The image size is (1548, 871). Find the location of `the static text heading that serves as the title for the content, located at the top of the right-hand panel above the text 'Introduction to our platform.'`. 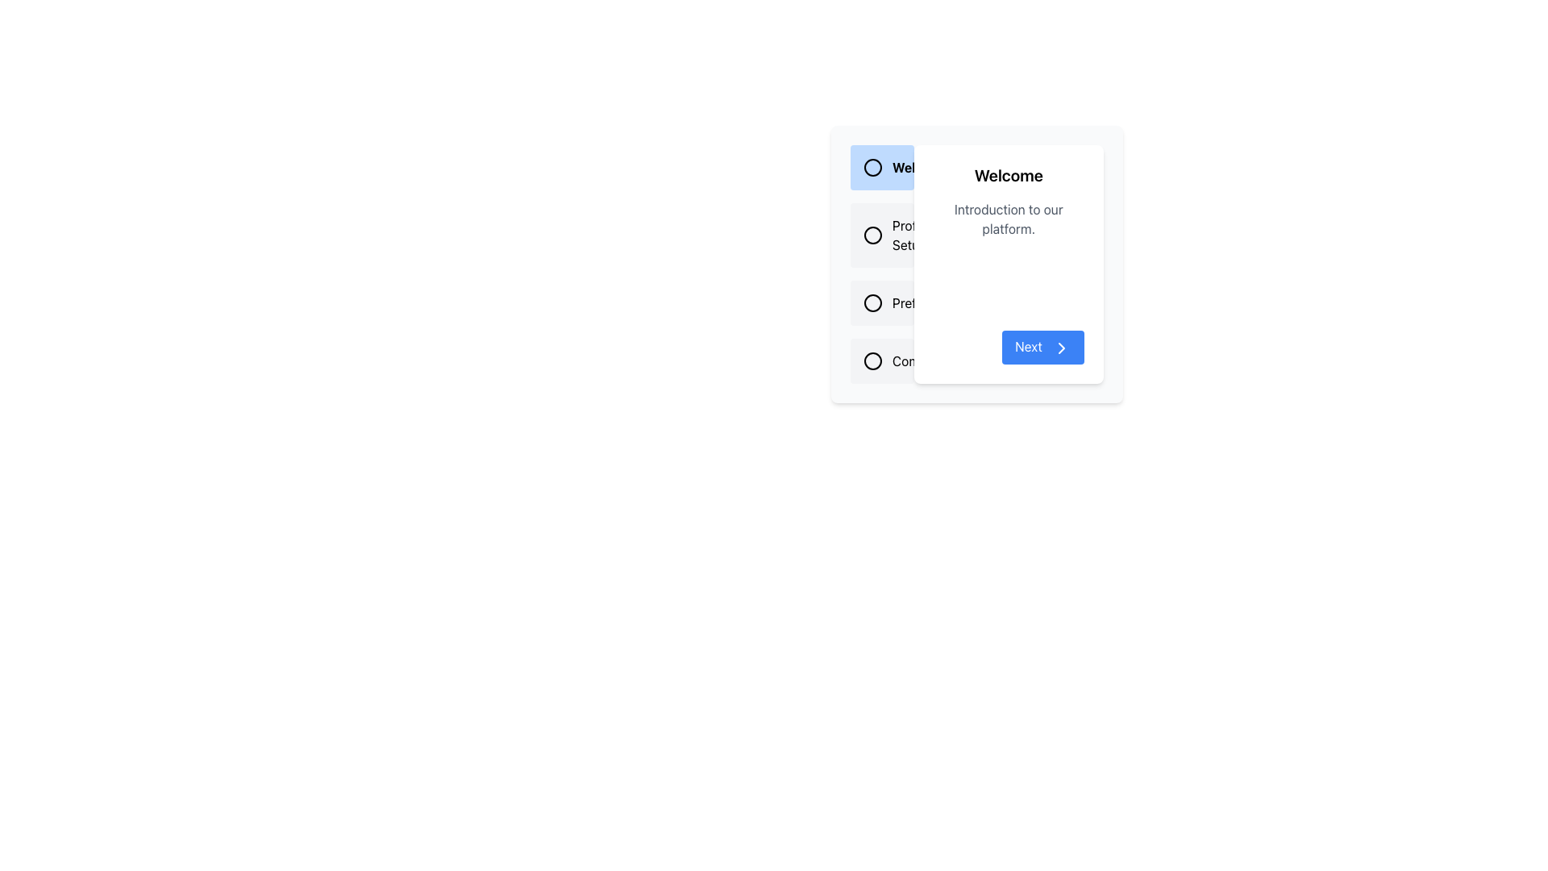

the static text heading that serves as the title for the content, located at the top of the right-hand panel above the text 'Introduction to our platform.' is located at coordinates (1008, 176).